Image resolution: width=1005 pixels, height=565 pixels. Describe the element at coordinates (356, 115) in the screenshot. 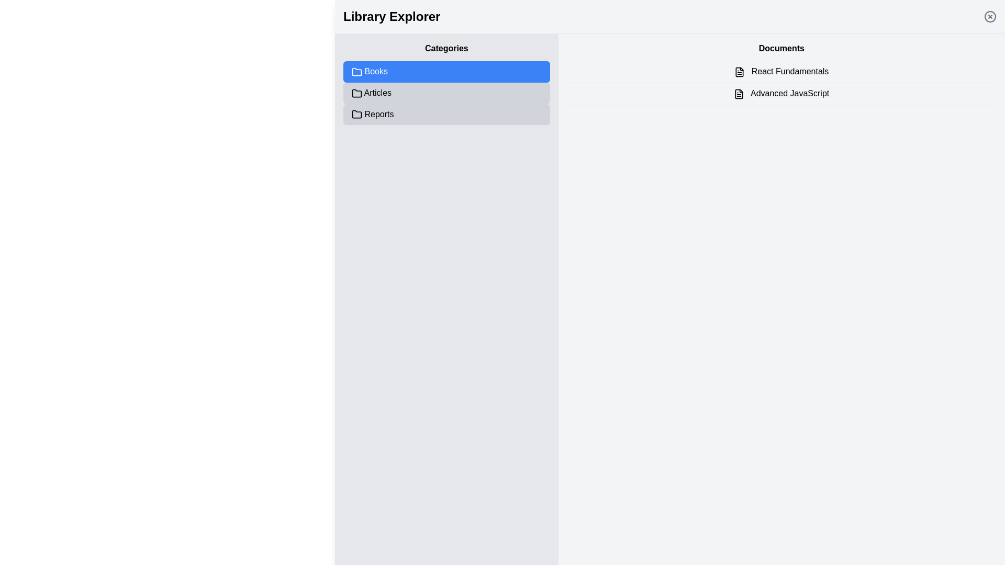

I see `the folder icon representing the 'Reports' category` at that location.